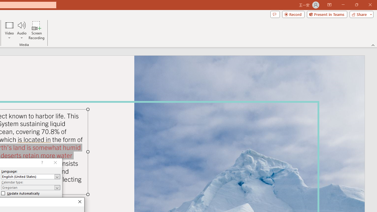 The image size is (377, 212). What do you see at coordinates (30, 176) in the screenshot?
I see `'Language'` at bounding box center [30, 176].